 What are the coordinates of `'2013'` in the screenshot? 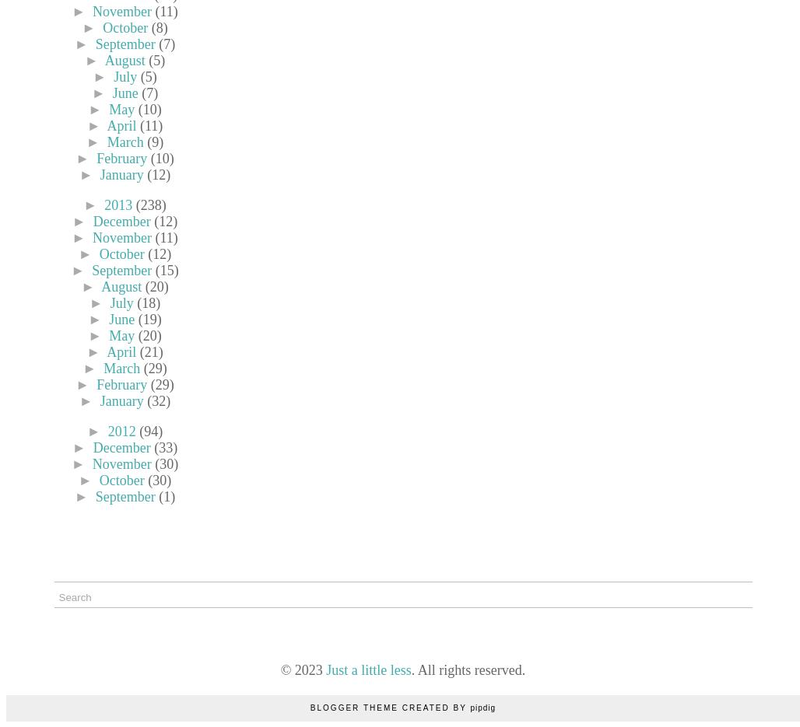 It's located at (104, 204).